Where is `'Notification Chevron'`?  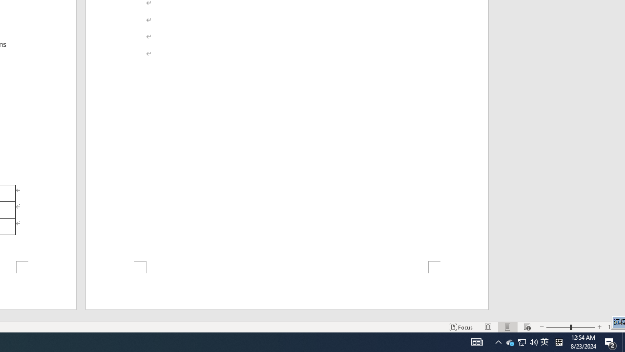
'Notification Chevron' is located at coordinates (498, 341).